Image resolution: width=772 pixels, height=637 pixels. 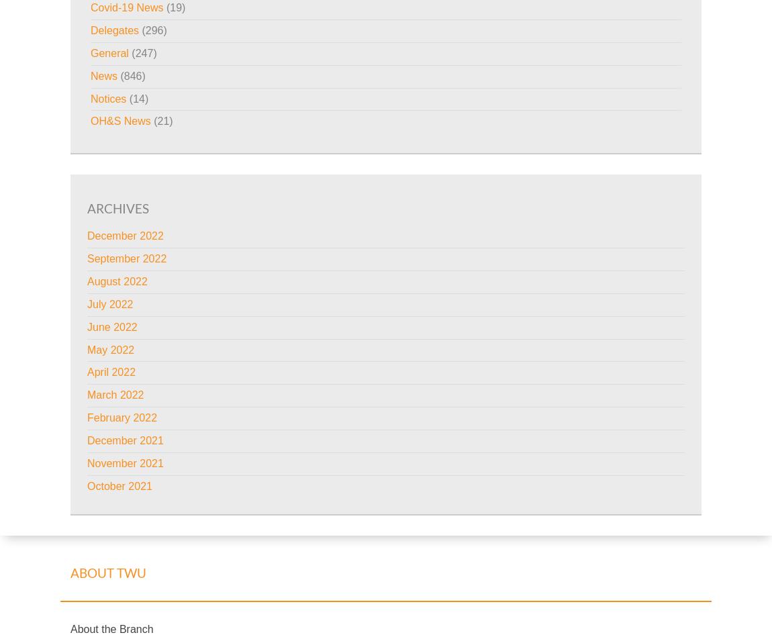 What do you see at coordinates (103, 75) in the screenshot?
I see `'News'` at bounding box center [103, 75].